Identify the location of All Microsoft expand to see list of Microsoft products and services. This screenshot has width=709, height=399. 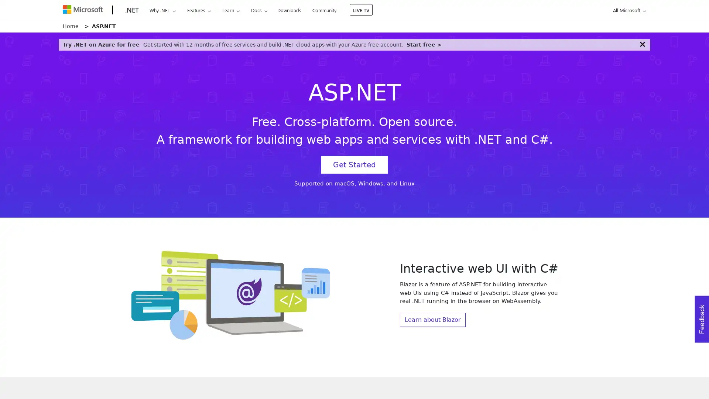
(628, 10).